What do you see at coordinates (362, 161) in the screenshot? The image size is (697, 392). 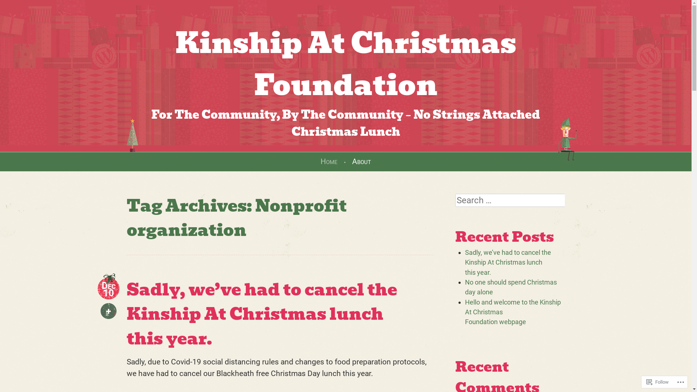 I see `'About'` at bounding box center [362, 161].